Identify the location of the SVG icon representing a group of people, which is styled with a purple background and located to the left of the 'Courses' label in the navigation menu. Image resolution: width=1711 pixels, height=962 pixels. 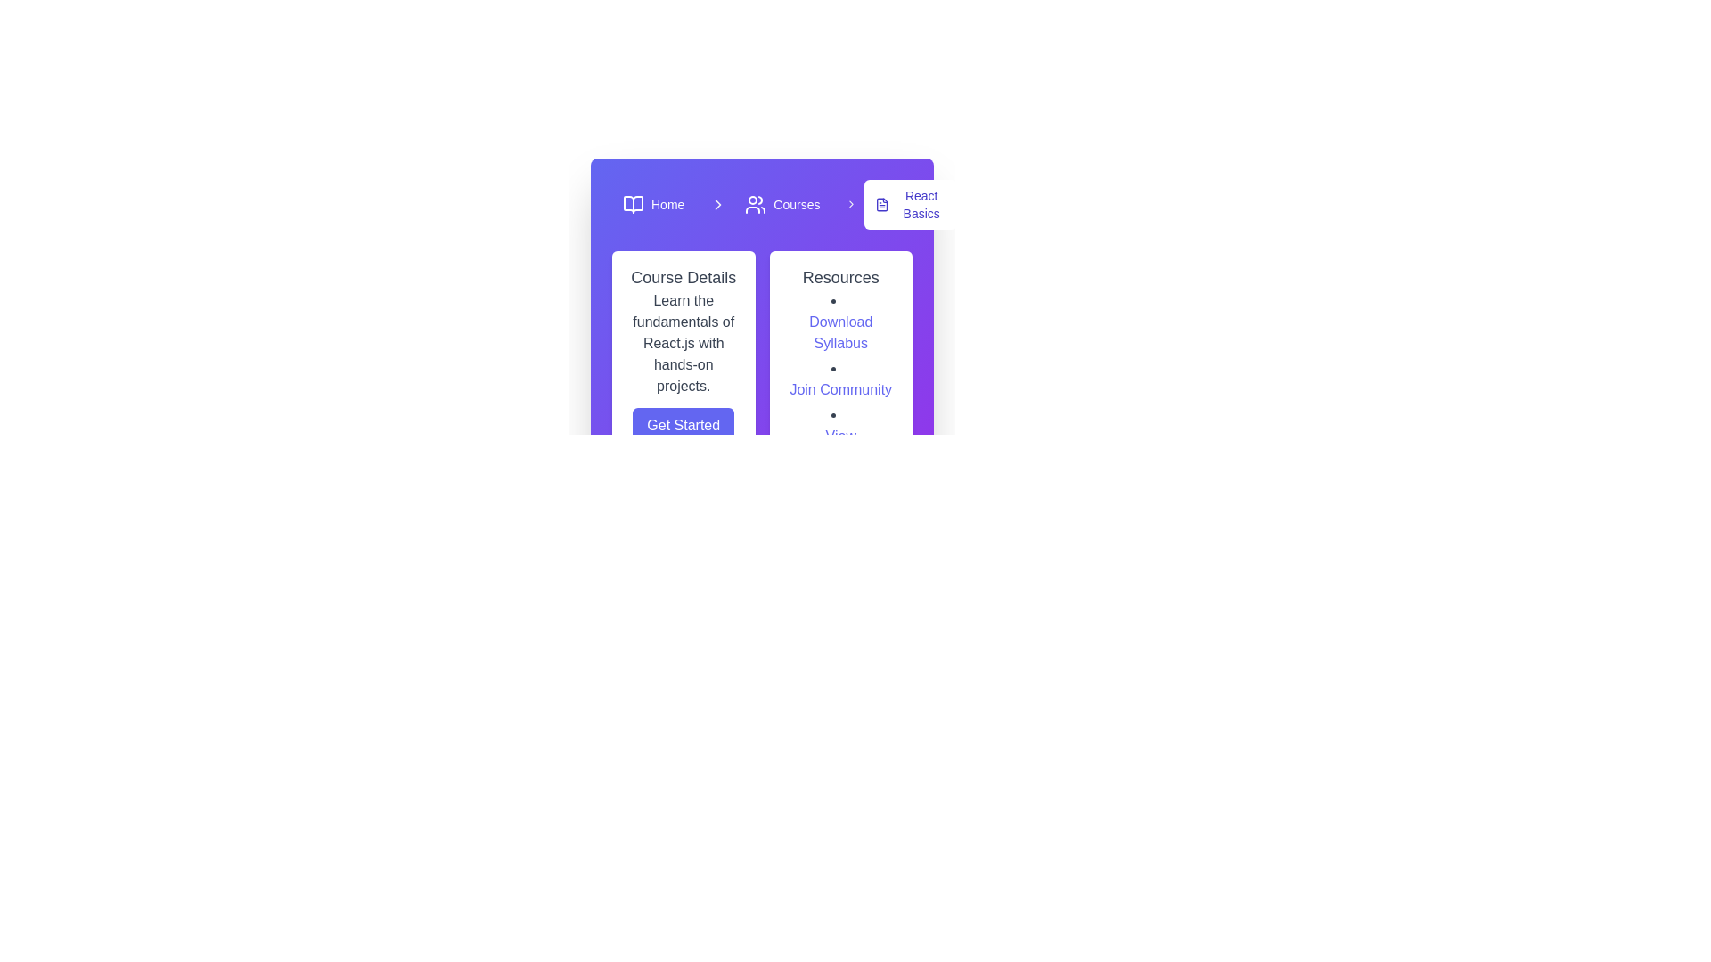
(756, 204).